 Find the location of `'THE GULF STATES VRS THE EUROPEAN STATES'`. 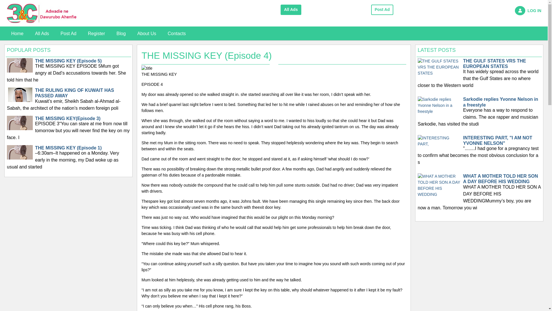

'THE GULF STATES VRS THE EUROPEAN STATES' is located at coordinates (439, 66).